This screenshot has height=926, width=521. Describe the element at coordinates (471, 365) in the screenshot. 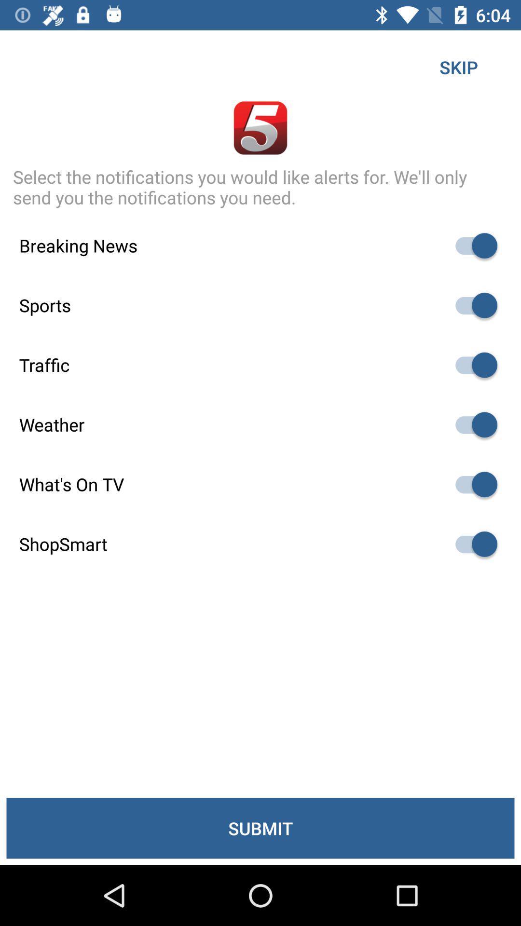

I see `disable traffic` at that location.